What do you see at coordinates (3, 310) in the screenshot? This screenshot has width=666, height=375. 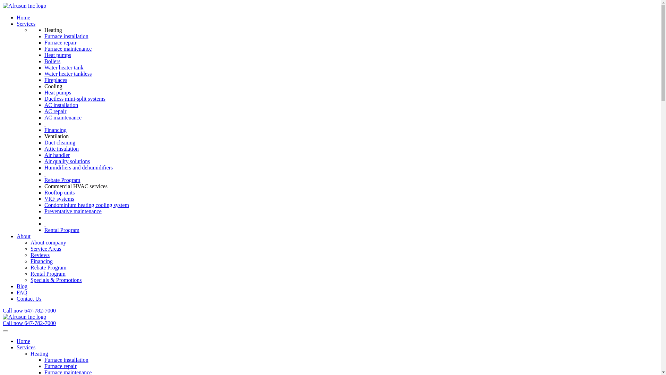 I see `'Call now 647-782-7000'` at bounding box center [3, 310].